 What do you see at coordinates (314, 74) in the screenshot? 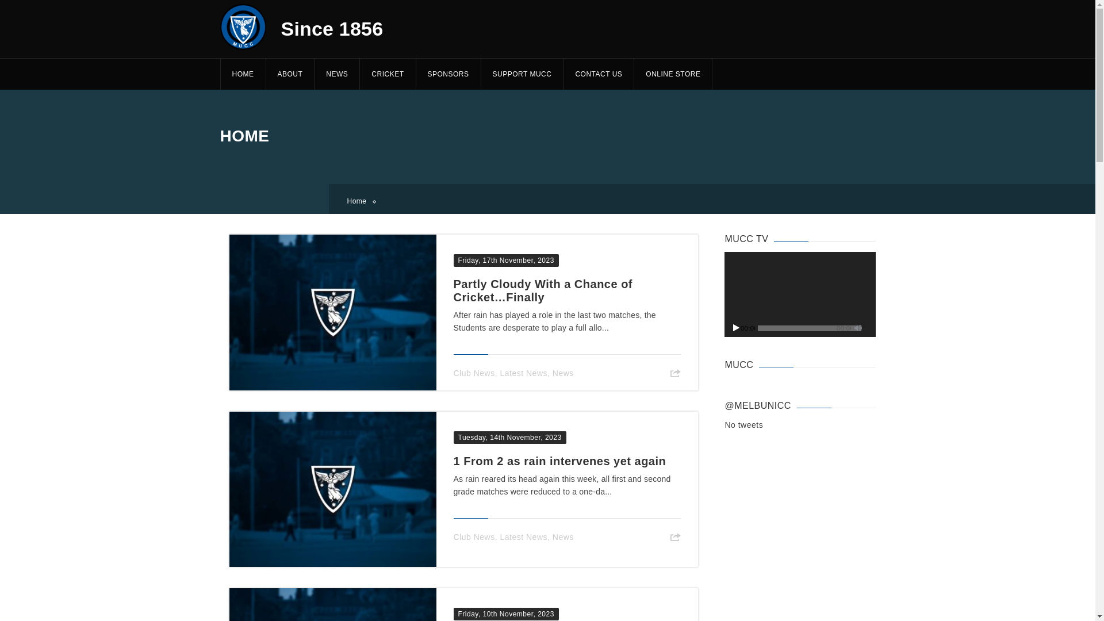
I see `'NEWS'` at bounding box center [314, 74].